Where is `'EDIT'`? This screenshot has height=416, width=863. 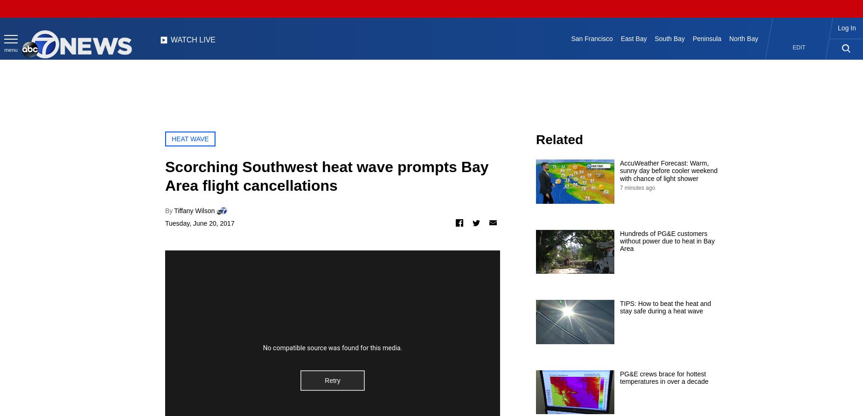
'EDIT' is located at coordinates (799, 47).